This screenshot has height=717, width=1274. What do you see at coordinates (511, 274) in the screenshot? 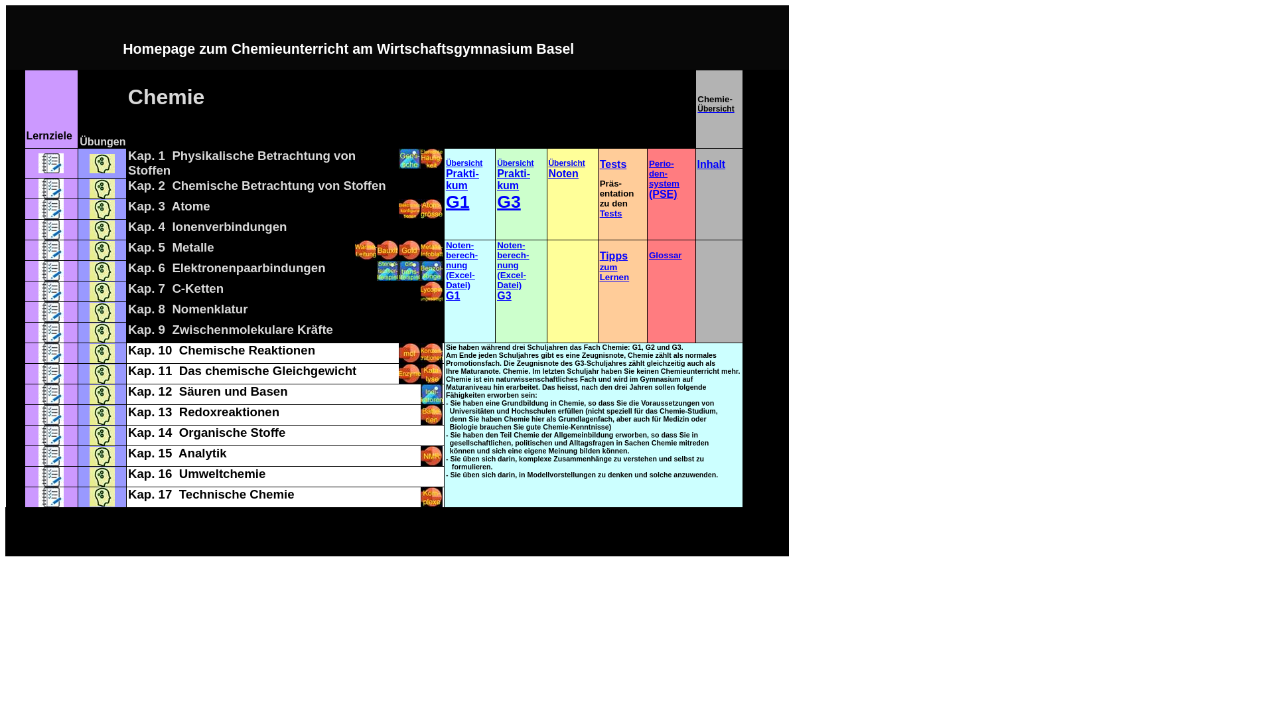
I see `'(Excel-'` at bounding box center [511, 274].